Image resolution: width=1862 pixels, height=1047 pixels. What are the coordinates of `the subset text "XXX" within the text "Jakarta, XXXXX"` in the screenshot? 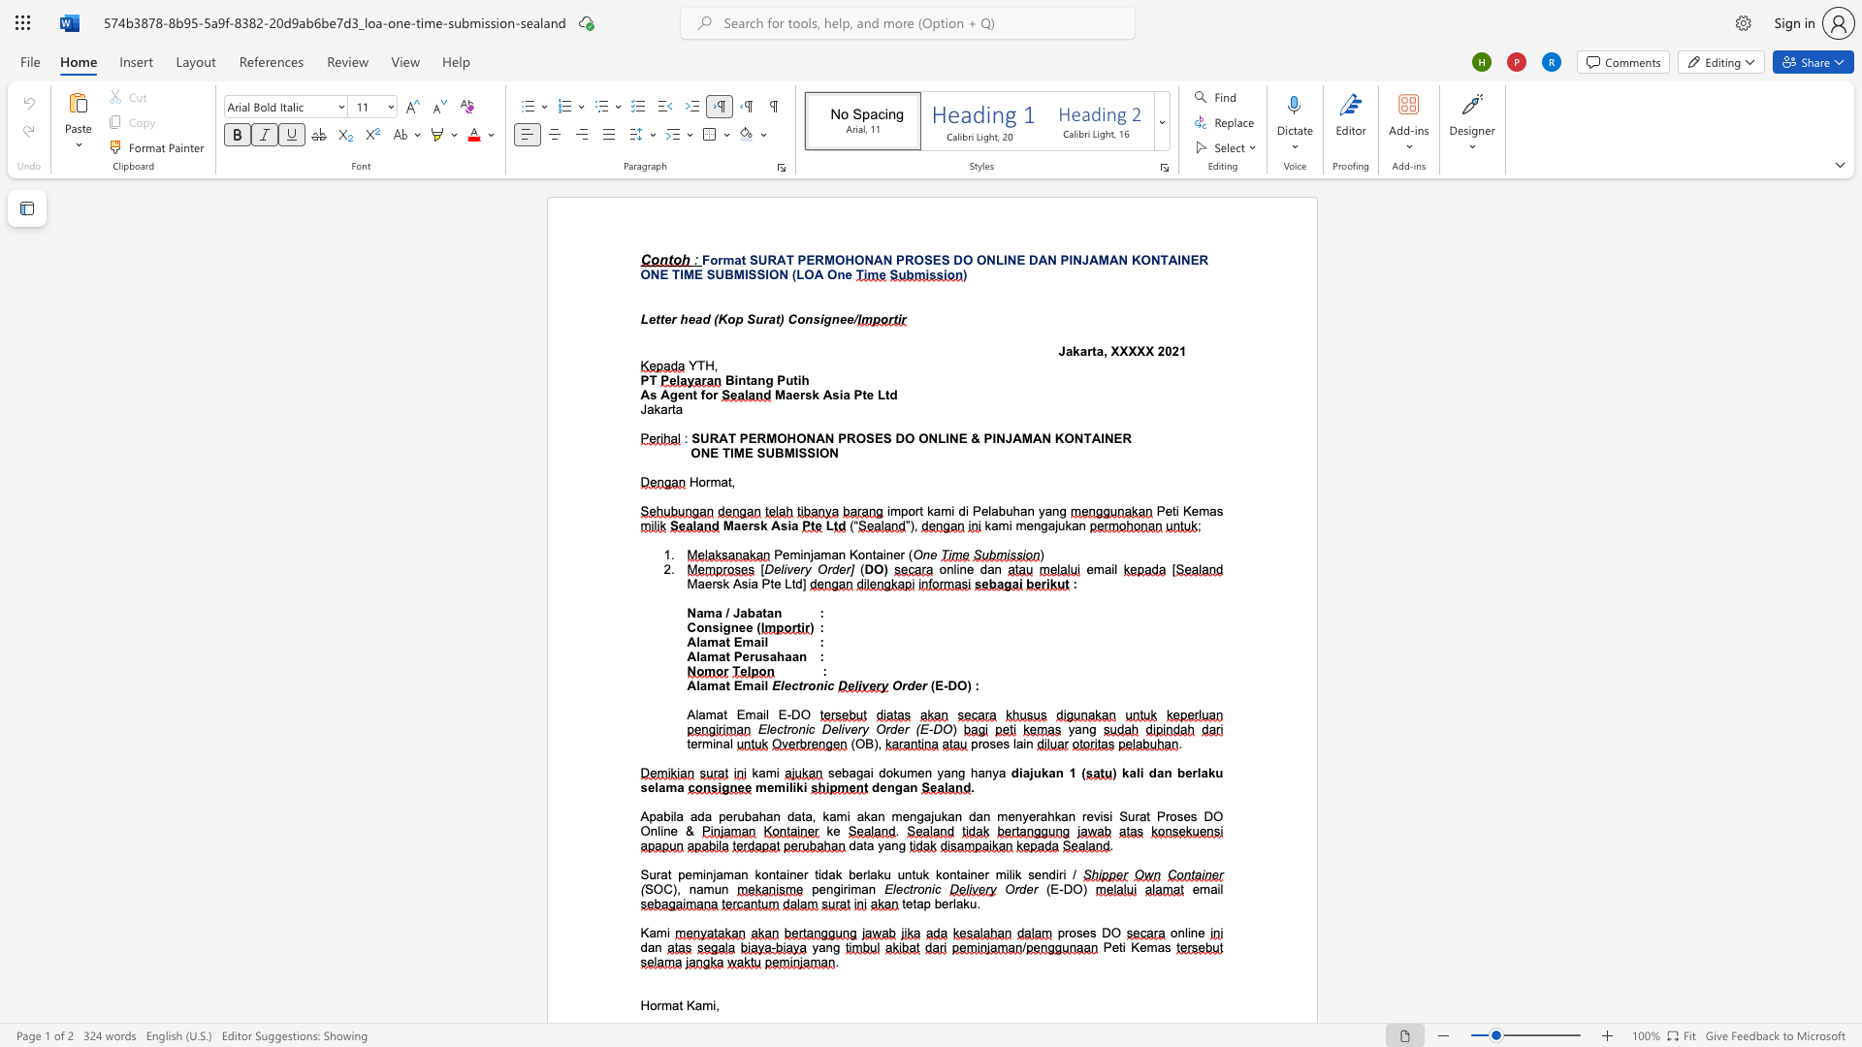 It's located at (1119, 351).